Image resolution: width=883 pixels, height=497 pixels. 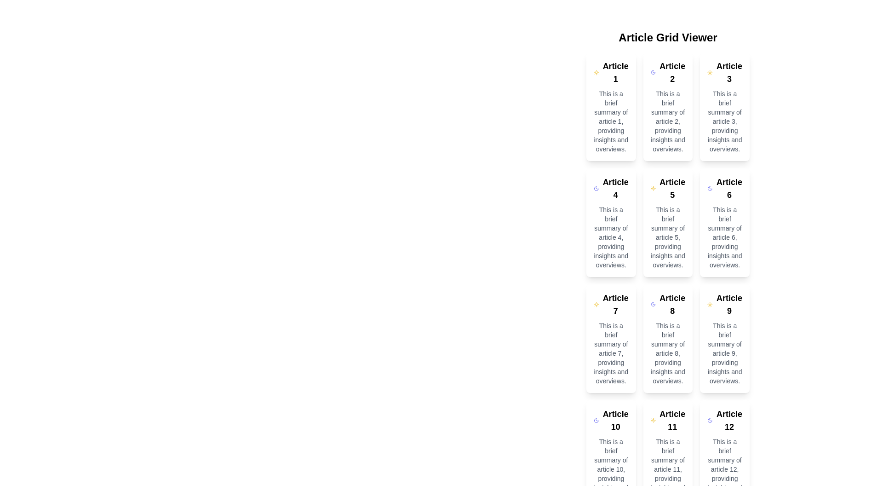 What do you see at coordinates (710, 188) in the screenshot?
I see `the 'Article 6' icon, which is a night or moon-themed representation located to the left of the 'Article 6' text in a card layout` at bounding box center [710, 188].